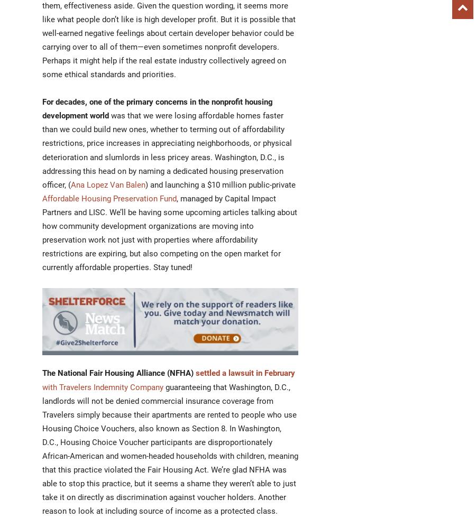  Describe the element at coordinates (42, 239) in the screenshot. I see `'We’ll be having some upcoming articles talking about how community development organizations are moving into preservation work not just with properties where affordability restrictions are expiring, but also competing on the open market for currently affordable properties. Stay tuned!'` at that location.